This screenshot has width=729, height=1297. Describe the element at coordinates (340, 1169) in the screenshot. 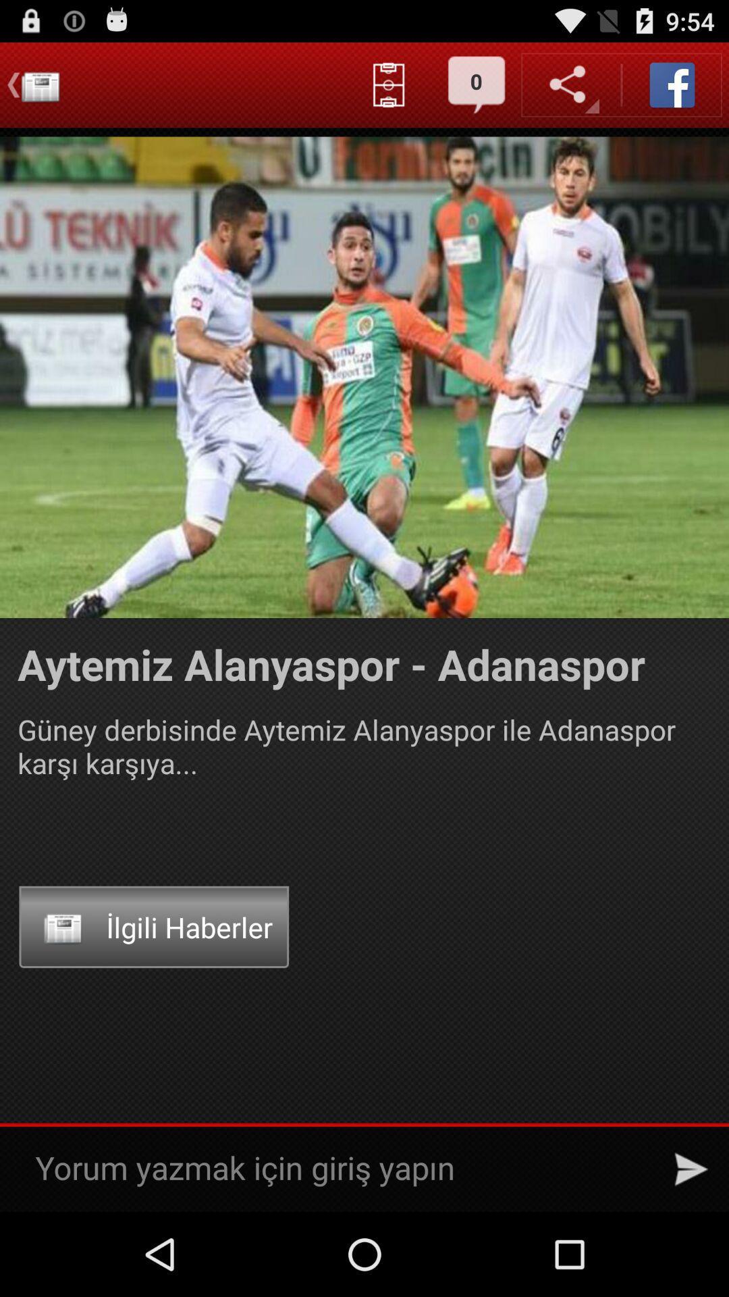

I see `write a comment` at that location.